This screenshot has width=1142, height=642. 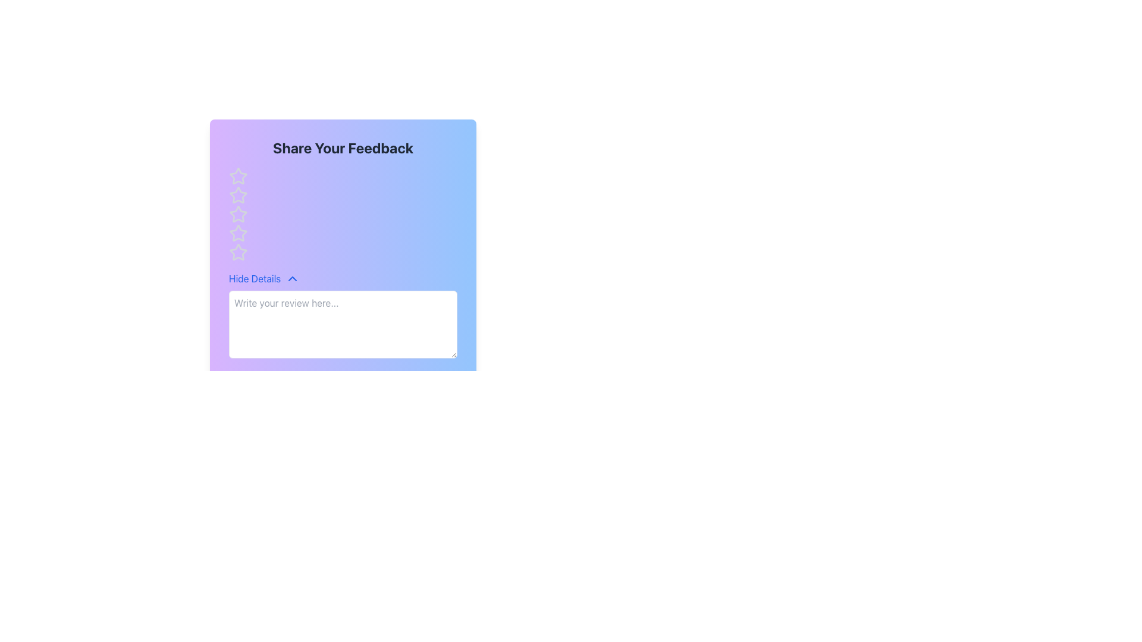 What do you see at coordinates (237, 194) in the screenshot?
I see `the second star in the vertical sequence of five stars` at bounding box center [237, 194].